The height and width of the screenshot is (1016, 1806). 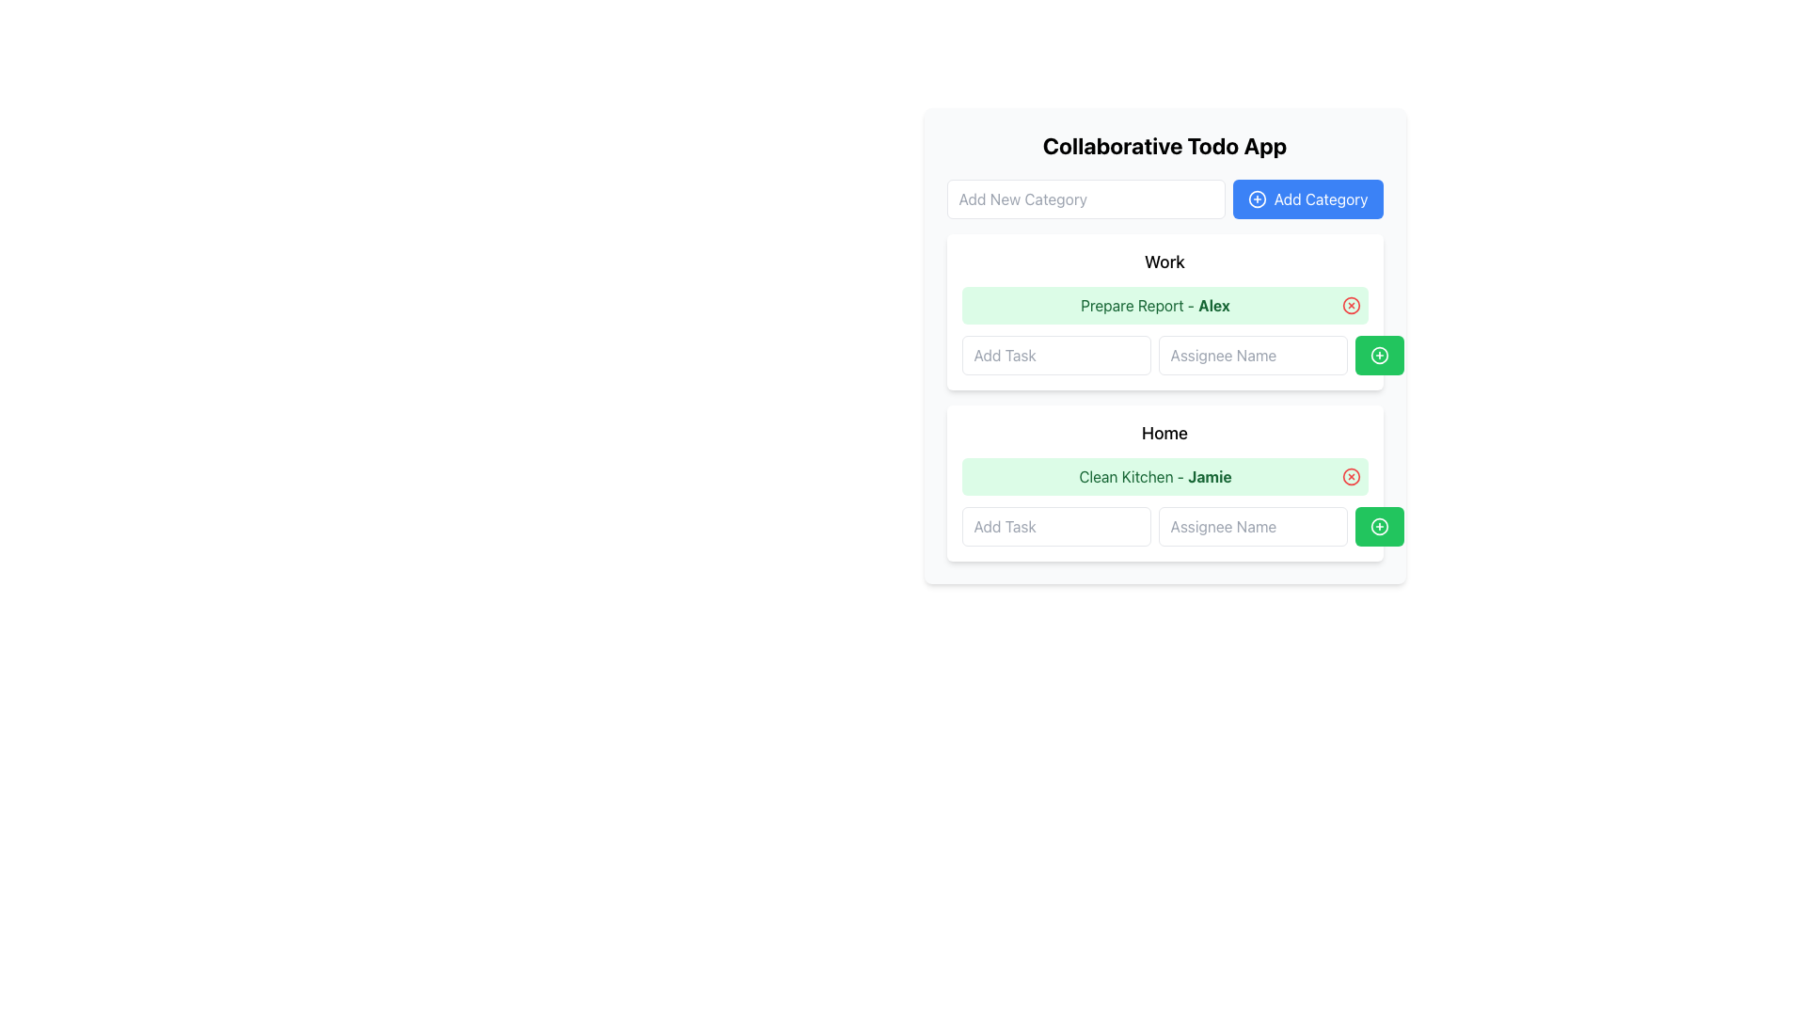 I want to click on the heading text label that indicates the context or category of tasks in the 'Work' section card, positioned above the 'Prepare Report - Alex' description, so click(x=1164, y=262).